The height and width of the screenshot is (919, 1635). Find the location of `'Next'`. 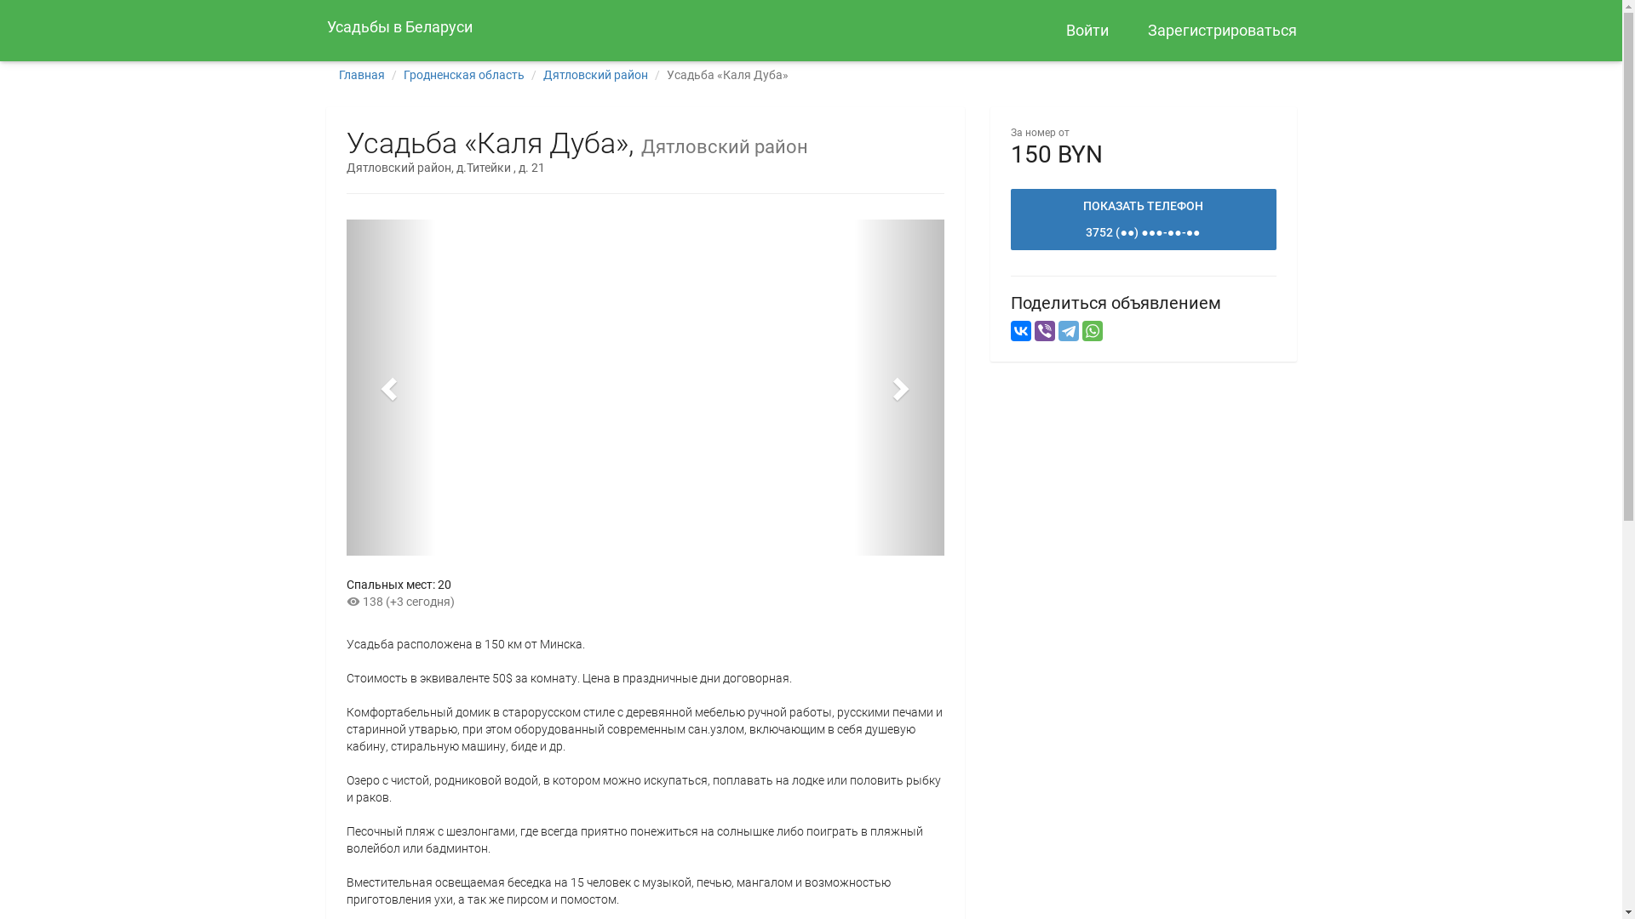

'Next' is located at coordinates (898, 387).